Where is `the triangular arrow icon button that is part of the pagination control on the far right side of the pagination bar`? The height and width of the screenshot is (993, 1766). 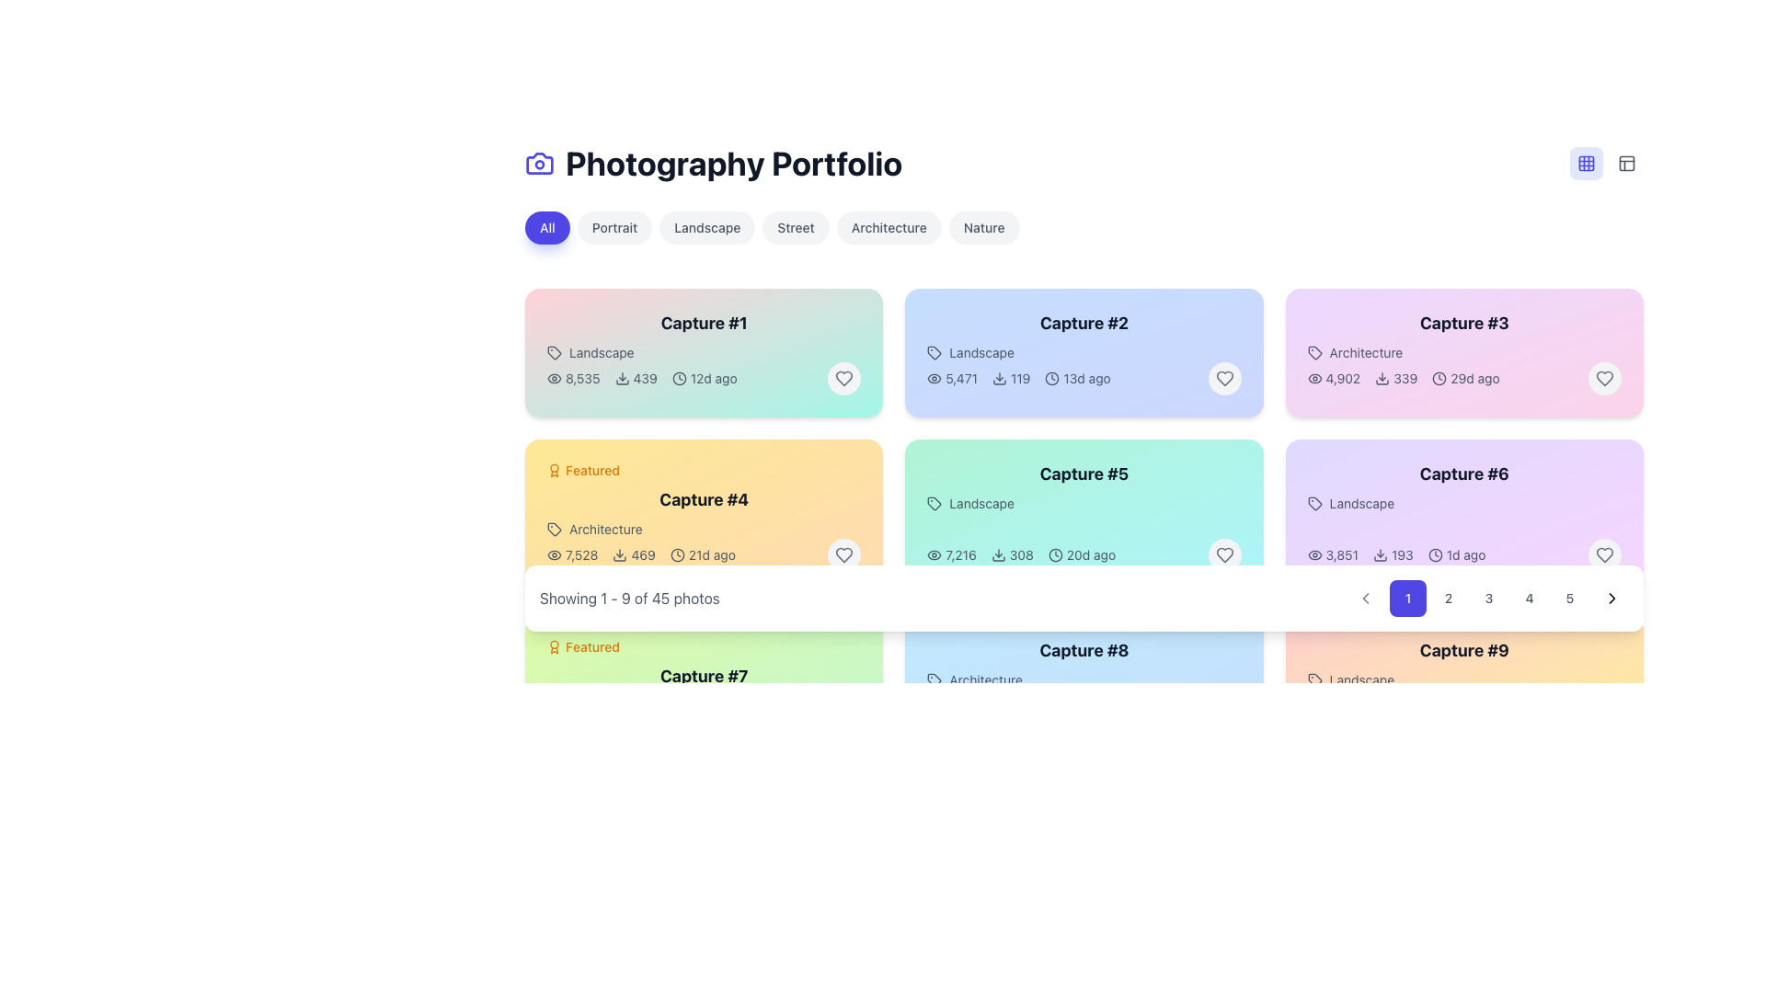 the triangular arrow icon button that is part of the pagination control on the far right side of the pagination bar is located at coordinates (1611, 599).